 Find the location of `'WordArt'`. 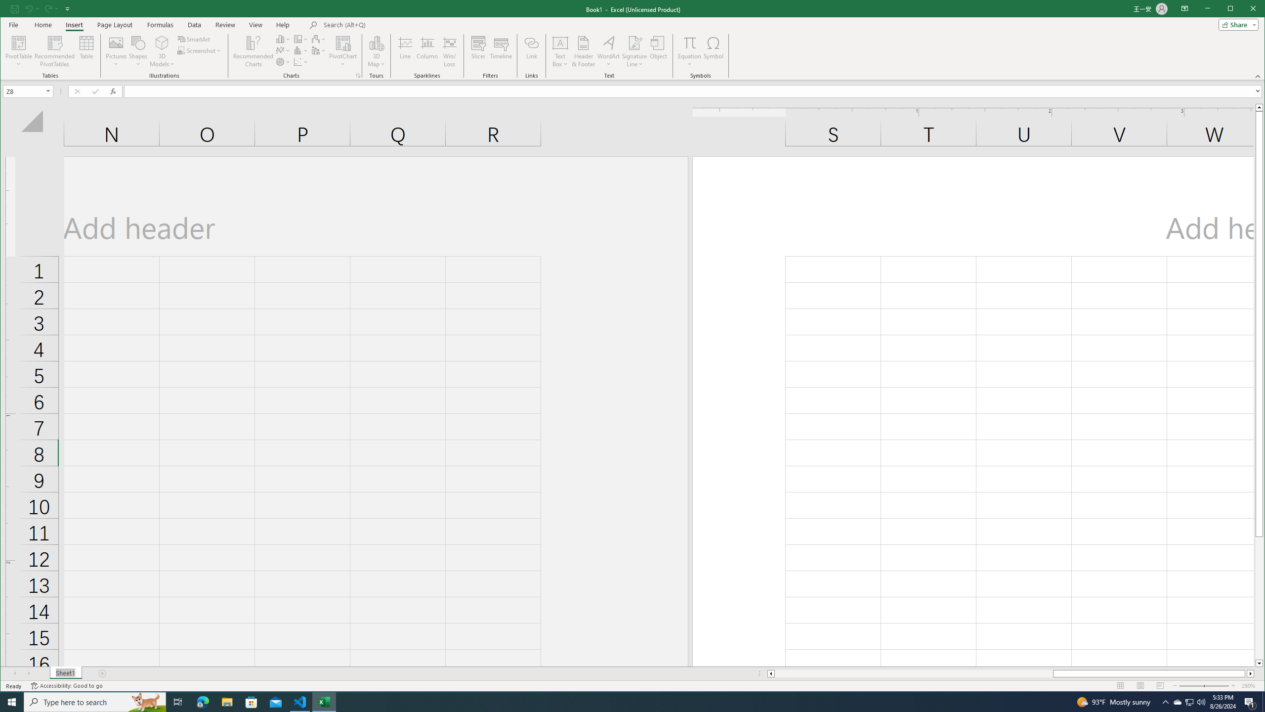

'WordArt' is located at coordinates (608, 51).